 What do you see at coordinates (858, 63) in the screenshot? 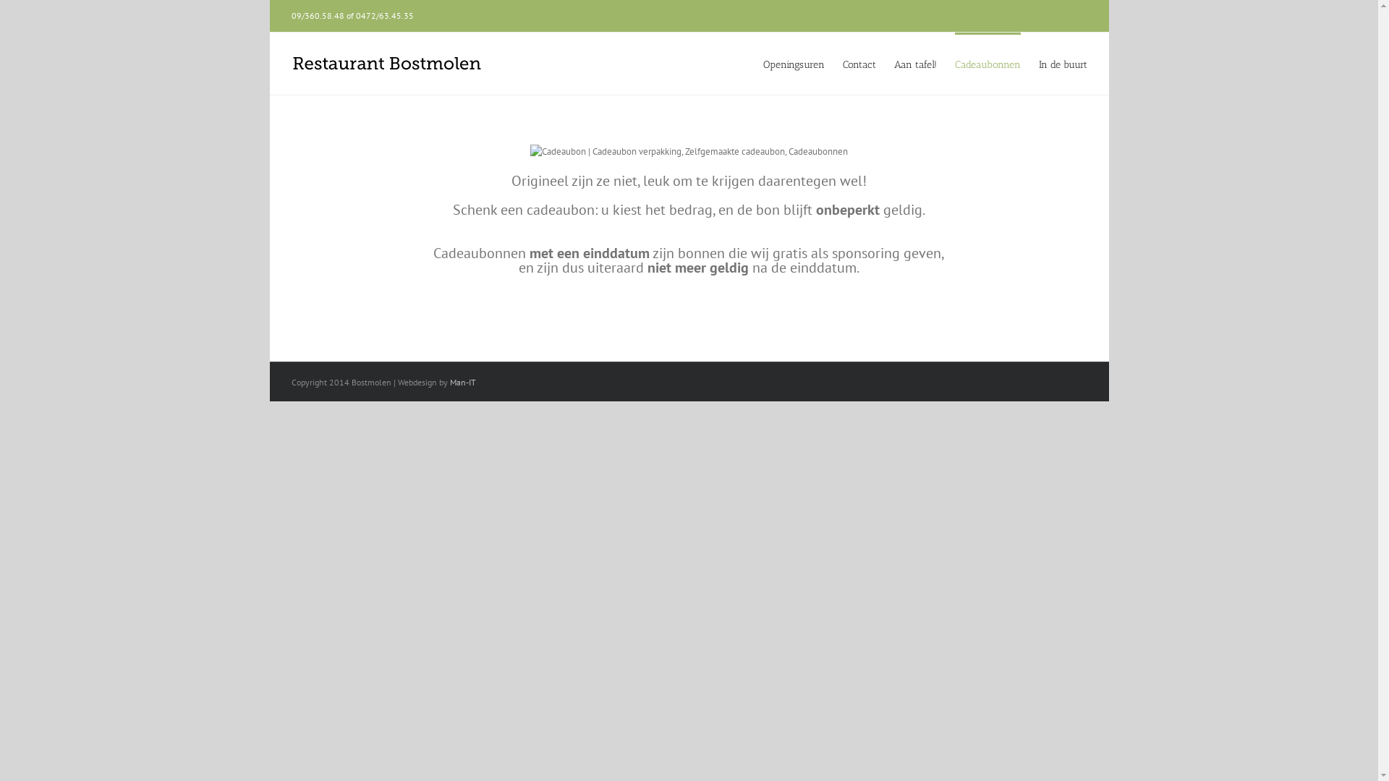
I see `'Contact'` at bounding box center [858, 63].